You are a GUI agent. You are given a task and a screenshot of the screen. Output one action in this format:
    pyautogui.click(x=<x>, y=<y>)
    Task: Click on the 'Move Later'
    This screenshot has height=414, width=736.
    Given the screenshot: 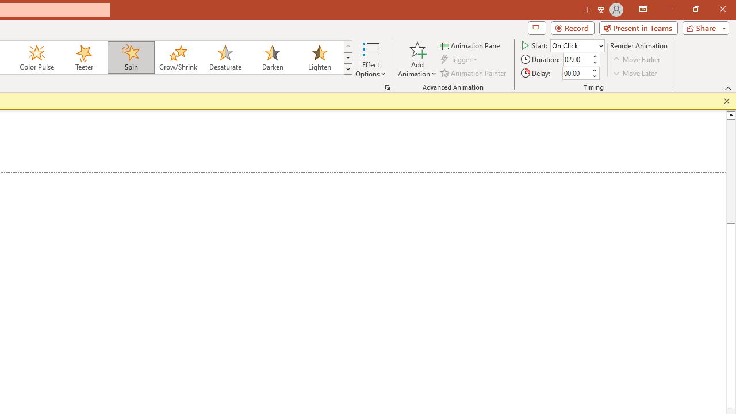 What is the action you would take?
    pyautogui.click(x=635, y=73)
    